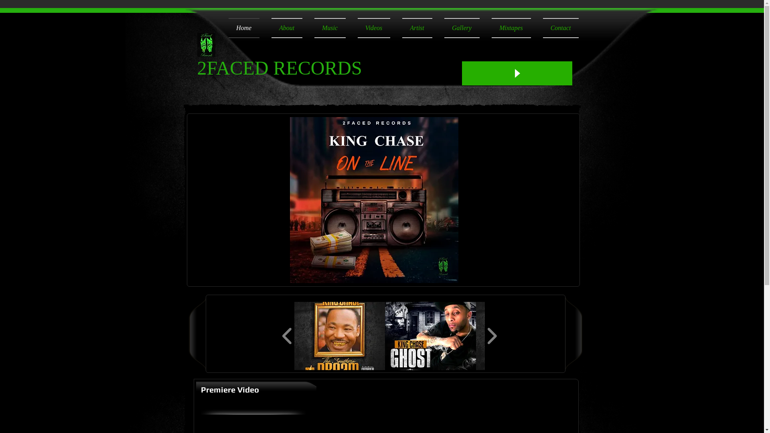 This screenshot has width=770, height=433. I want to click on 'Mixtapes', so click(510, 27).